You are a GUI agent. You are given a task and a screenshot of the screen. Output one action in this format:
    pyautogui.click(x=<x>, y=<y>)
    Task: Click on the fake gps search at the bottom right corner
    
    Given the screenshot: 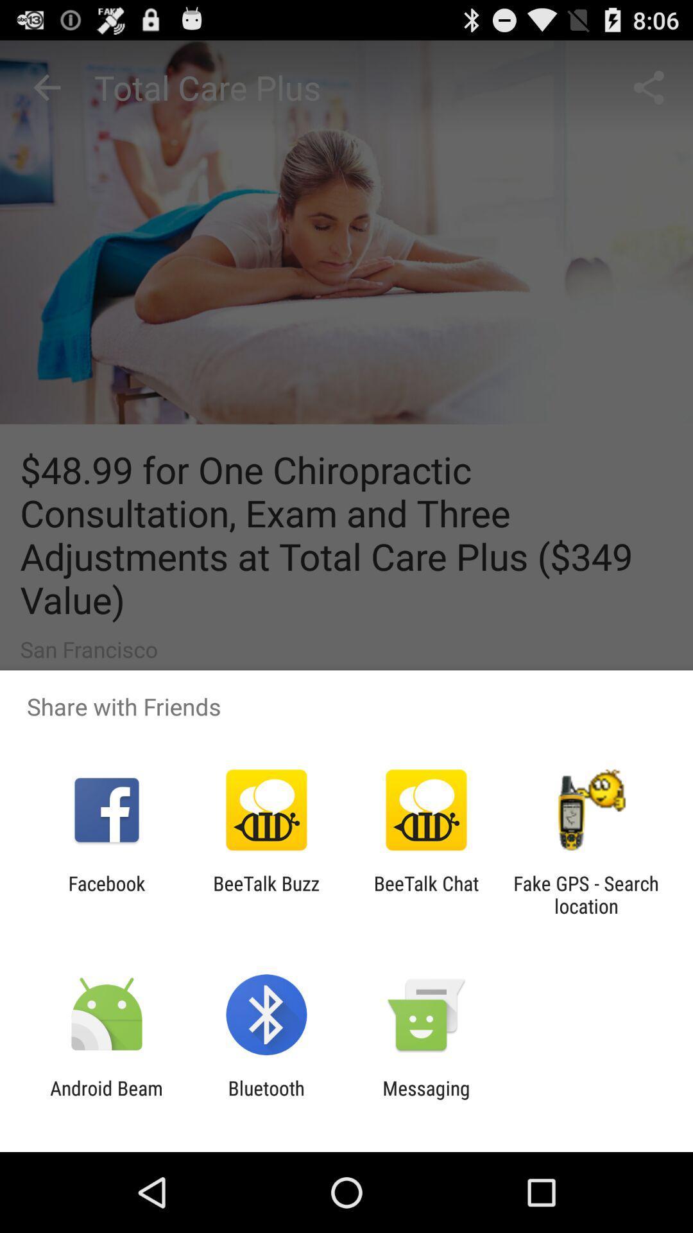 What is the action you would take?
    pyautogui.click(x=586, y=894)
    